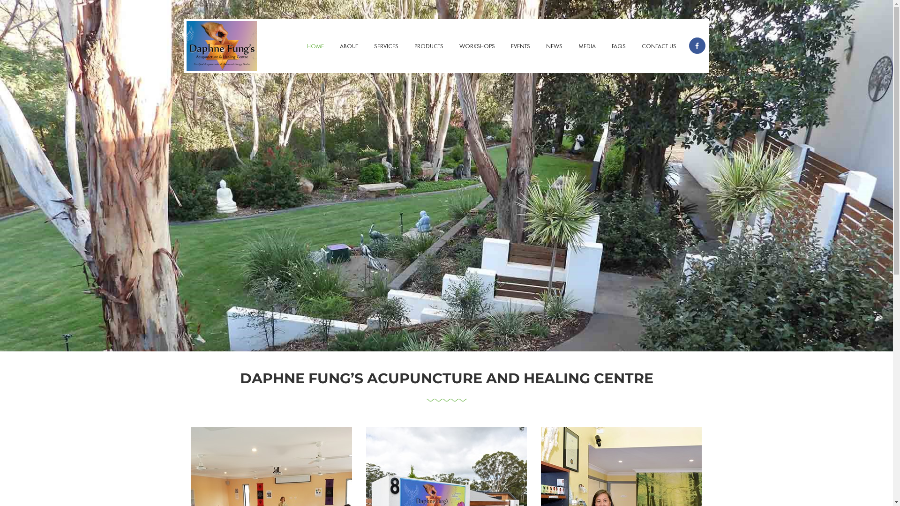 The height and width of the screenshot is (506, 900). I want to click on 'MEDIA', so click(586, 47).